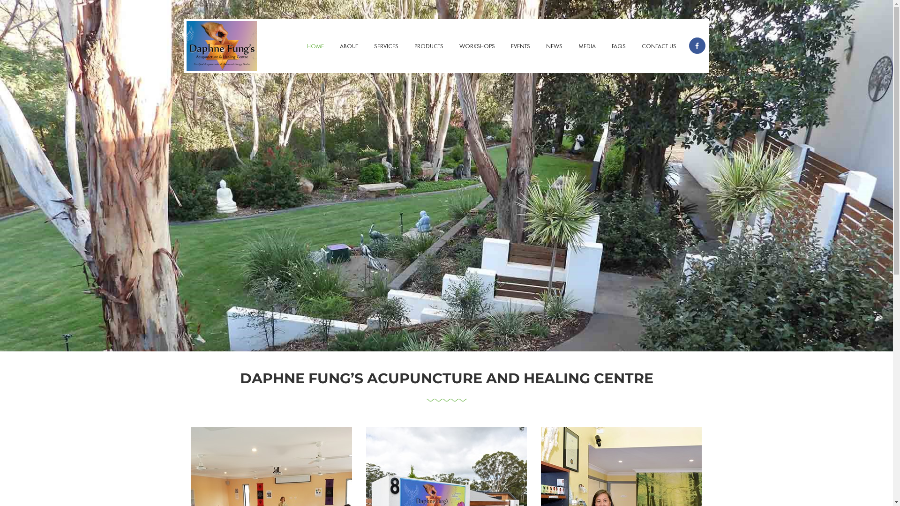 The height and width of the screenshot is (506, 900). I want to click on 'MEDIA', so click(586, 47).